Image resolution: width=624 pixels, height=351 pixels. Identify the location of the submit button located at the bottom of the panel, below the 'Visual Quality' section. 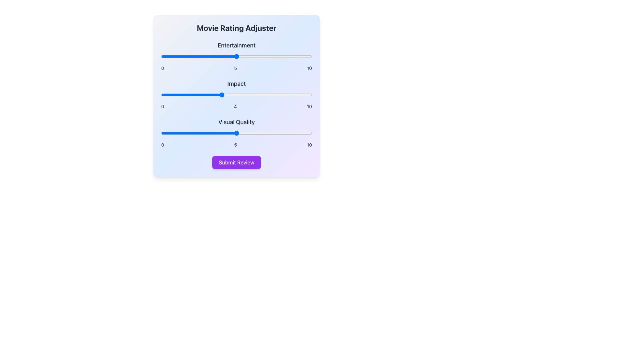
(236, 162).